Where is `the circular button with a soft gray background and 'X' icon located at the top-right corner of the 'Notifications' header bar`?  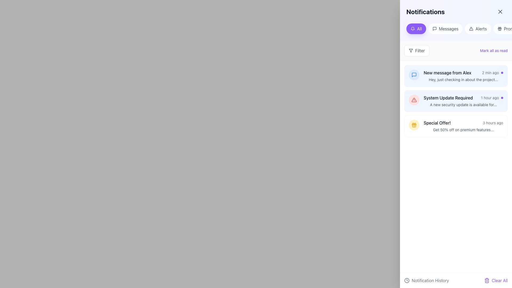
the circular button with a soft gray background and 'X' icon located at the top-right corner of the 'Notifications' header bar is located at coordinates (500, 11).